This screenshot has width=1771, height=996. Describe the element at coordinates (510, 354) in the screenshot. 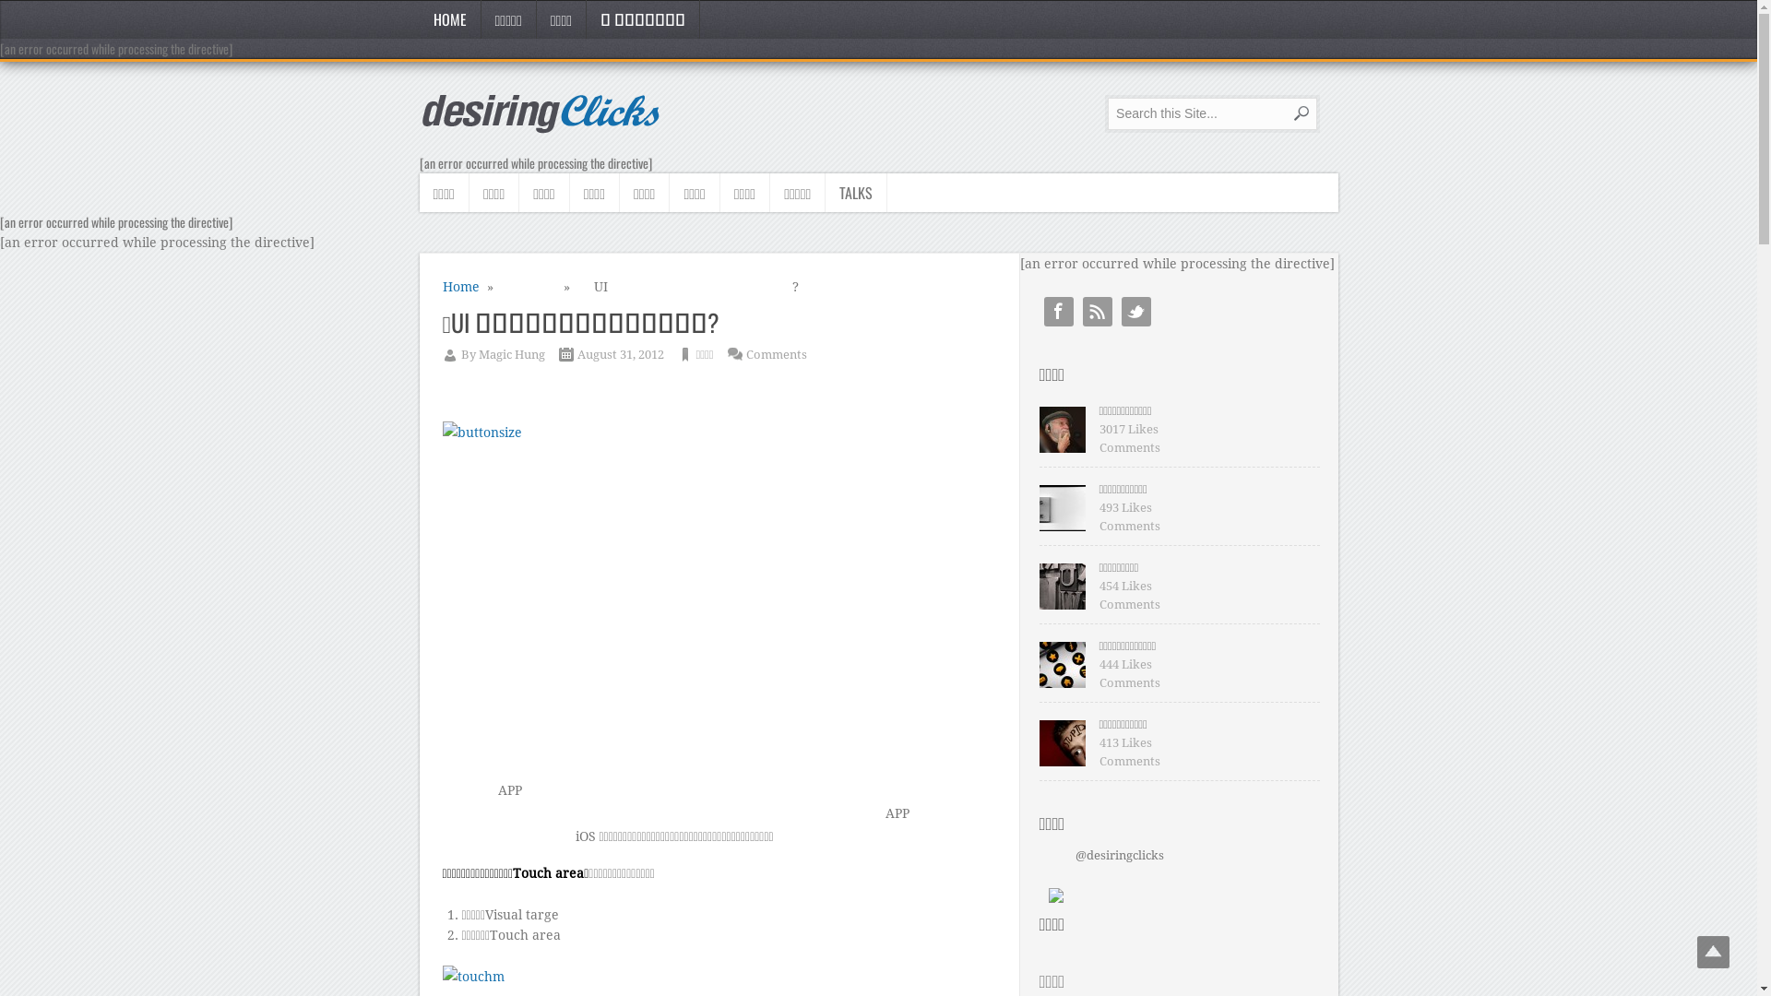

I see `'Magic Hung'` at that location.